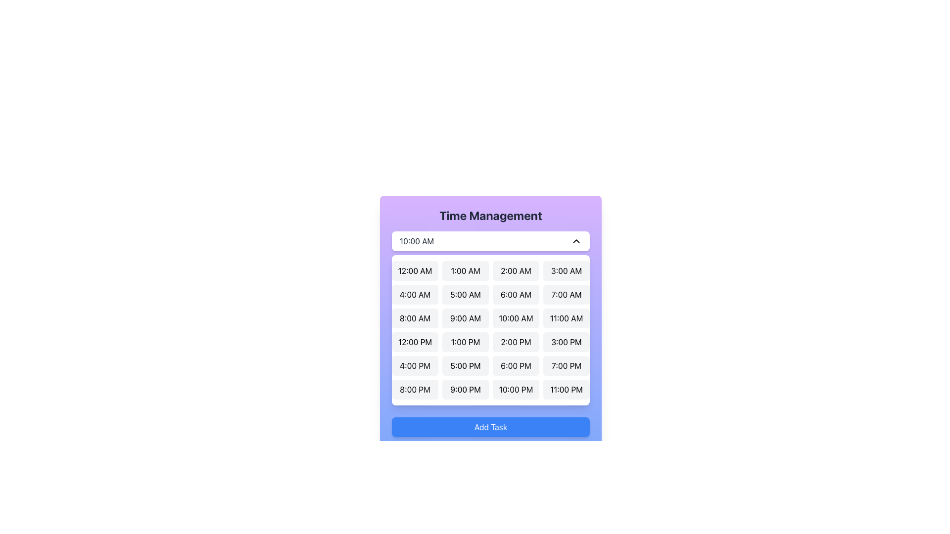 The width and height of the screenshot is (950, 534). I want to click on the time selection button for 4:00 AM located in the second row and first column of the time management interface to indicate the hover state, so click(415, 294).